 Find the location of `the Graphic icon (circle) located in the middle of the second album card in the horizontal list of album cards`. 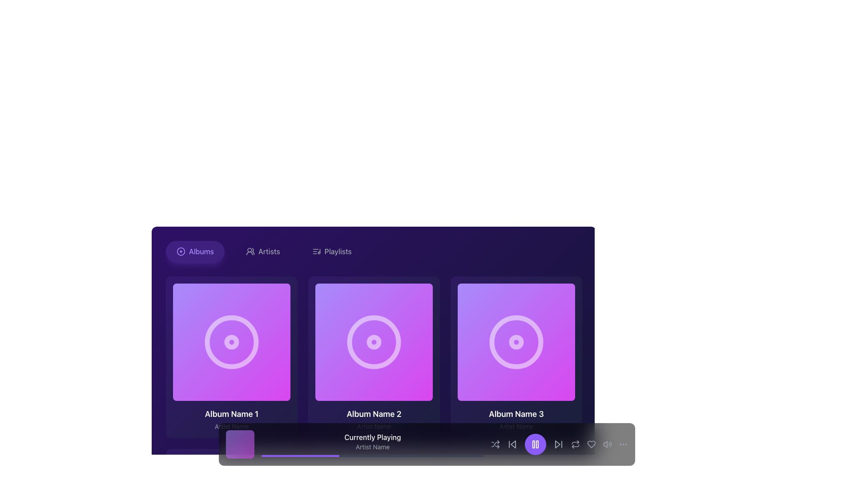

the Graphic icon (circle) located in the middle of the second album card in the horizontal list of album cards is located at coordinates (374, 342).